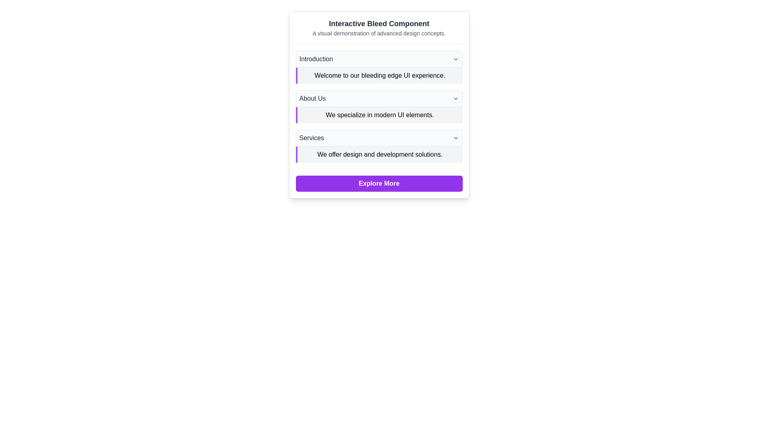 The height and width of the screenshot is (435, 774). What do you see at coordinates (379, 31) in the screenshot?
I see `the text block with the heading 'Interactive Bleed Component' and the description 'A visual demonstration of advanced design concepts'` at bounding box center [379, 31].